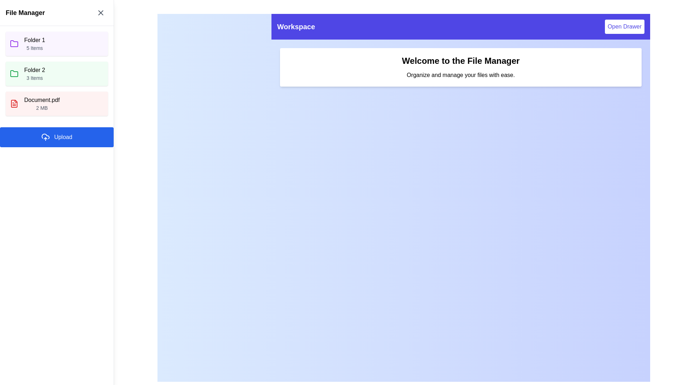  I want to click on the text label displaying the name of the file to trigger the tooltip, so click(41, 100).